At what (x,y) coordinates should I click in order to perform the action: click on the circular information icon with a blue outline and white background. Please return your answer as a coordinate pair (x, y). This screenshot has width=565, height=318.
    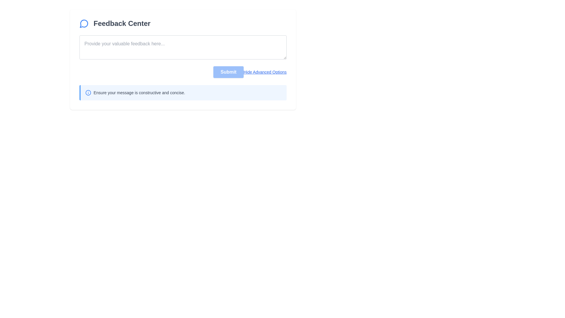
    Looking at the image, I should click on (88, 93).